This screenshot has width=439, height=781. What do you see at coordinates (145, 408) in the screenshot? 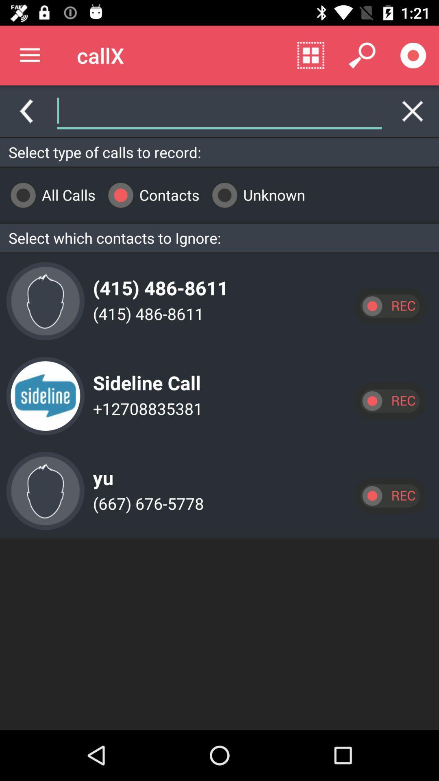
I see `+12708835381 item` at bounding box center [145, 408].